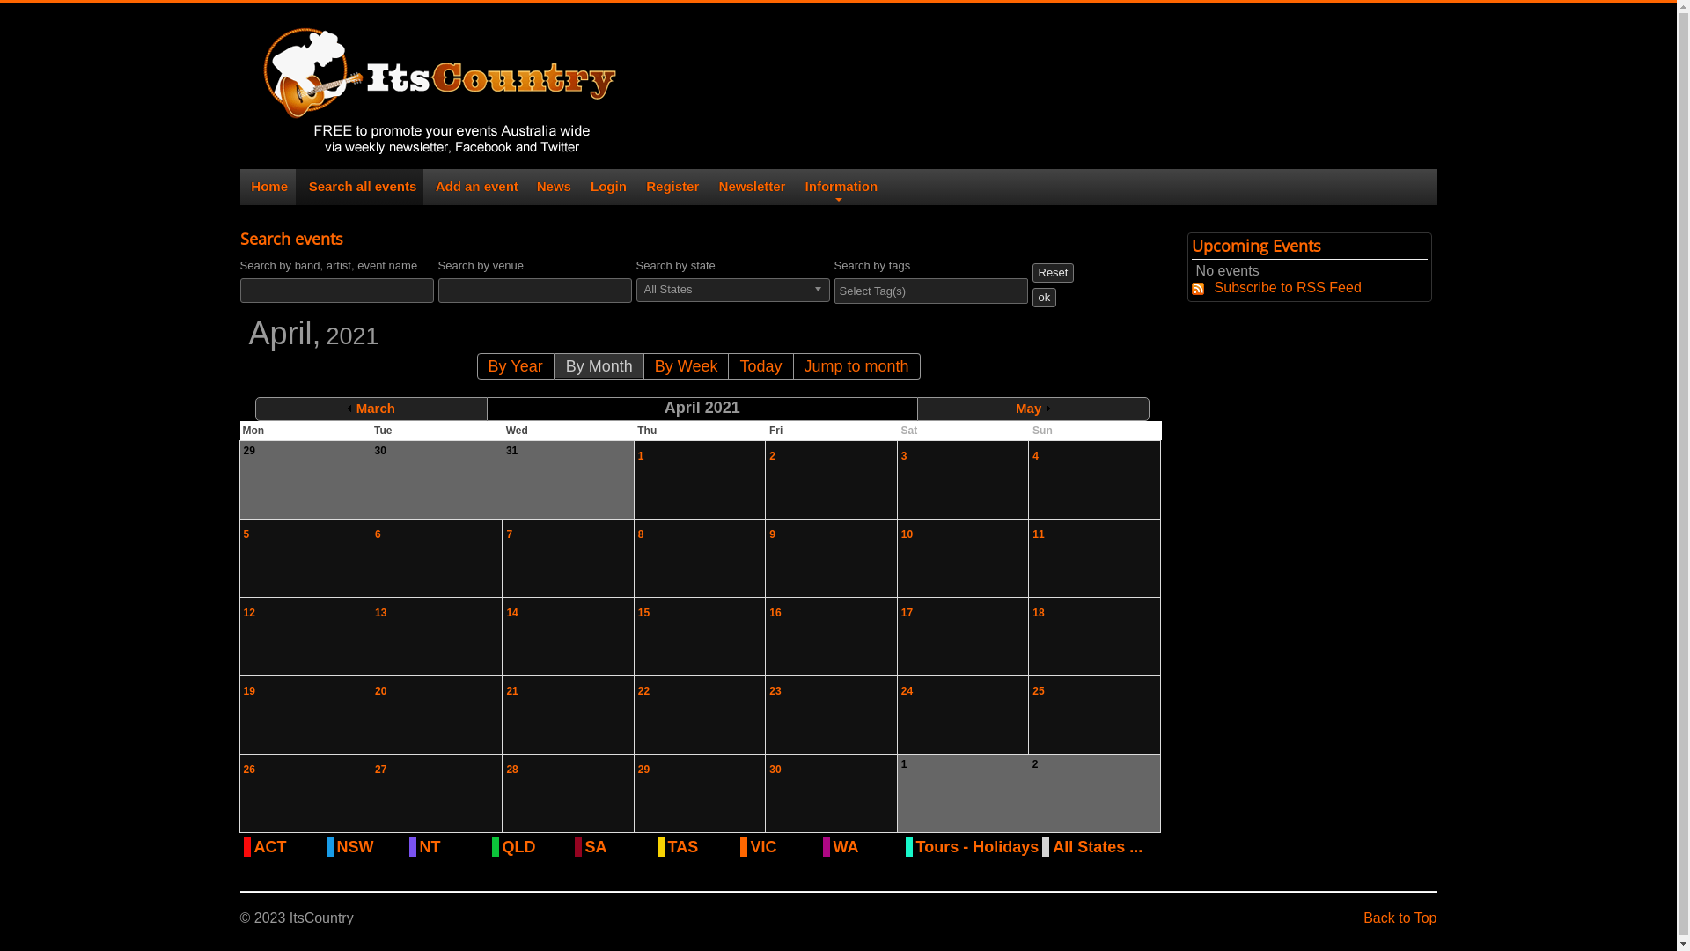  What do you see at coordinates (287, 845) in the screenshot?
I see `'ACT'` at bounding box center [287, 845].